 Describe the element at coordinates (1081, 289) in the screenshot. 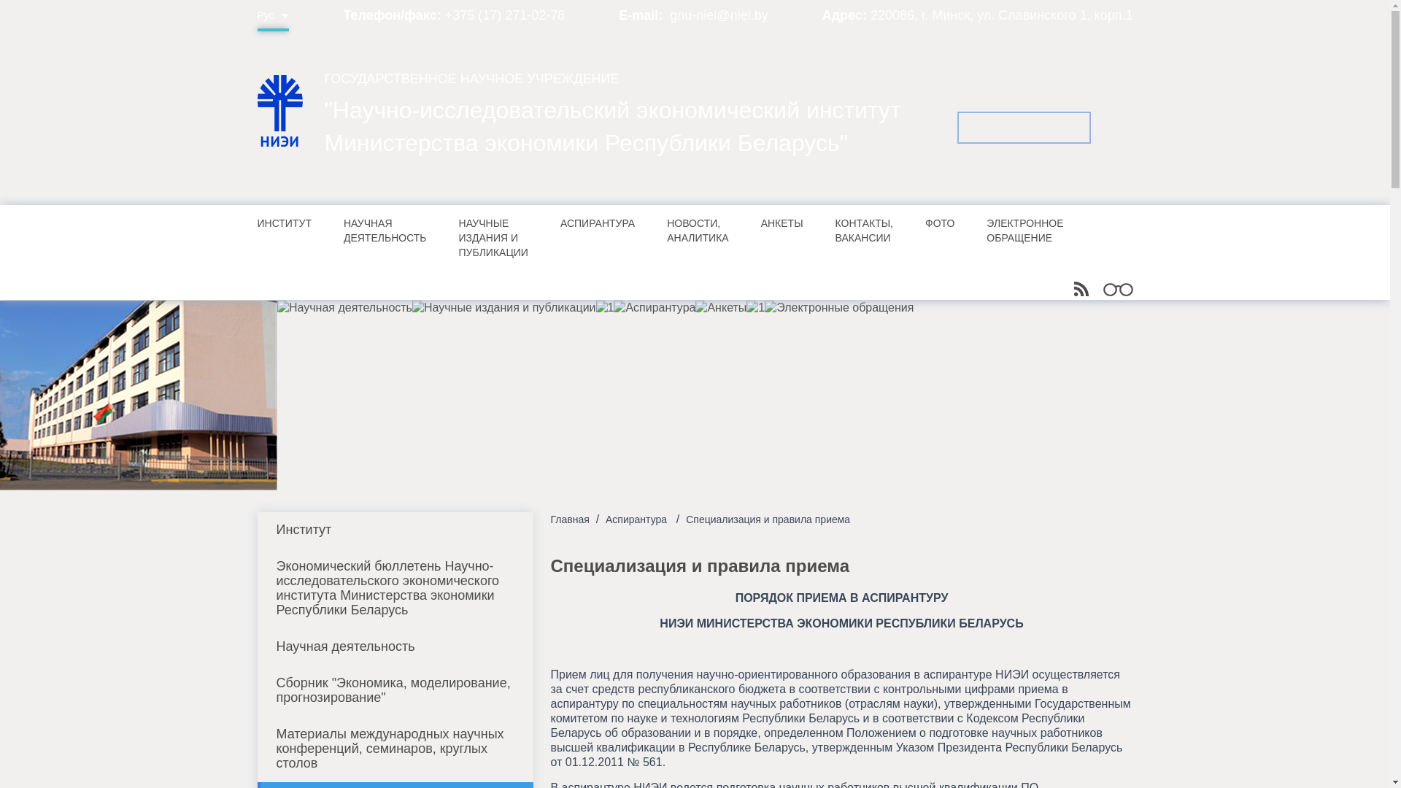

I see `'RSS'` at that location.